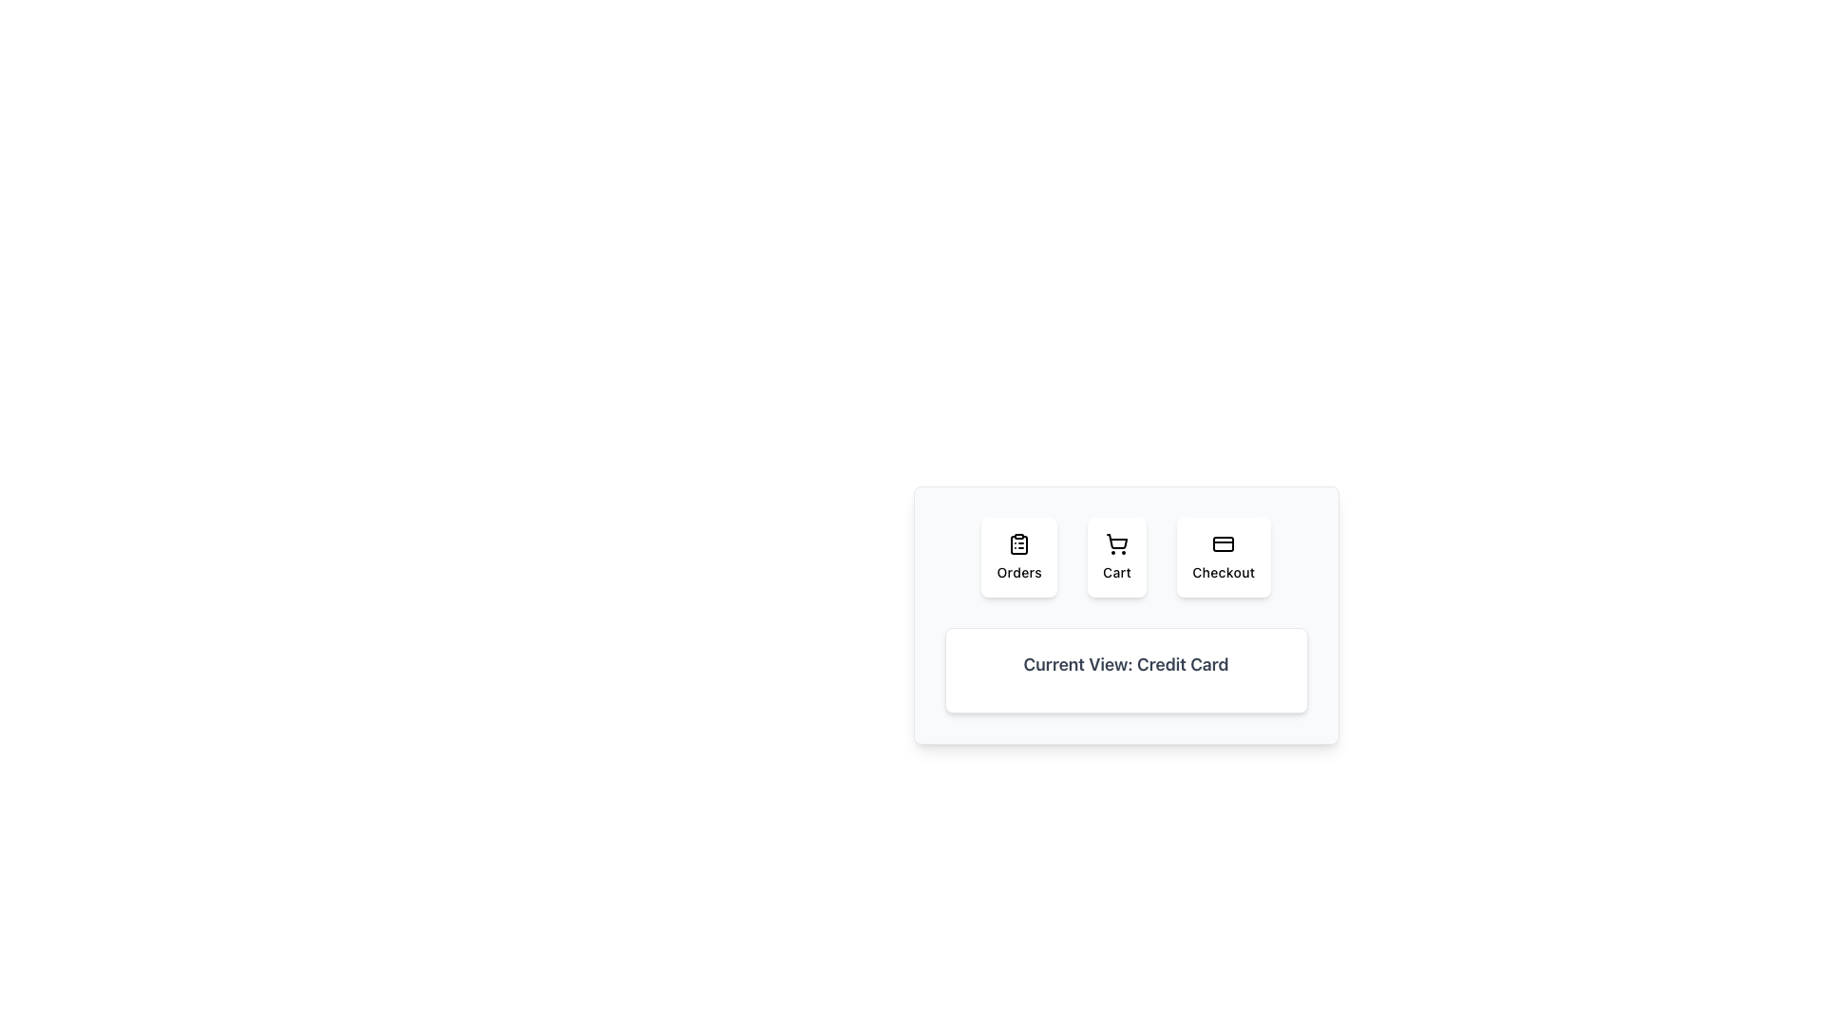 The image size is (1824, 1026). Describe the element at coordinates (1018, 571) in the screenshot. I see `'Orders' text label located below the clipboard icon in the 'Orders' card to understand the card's purpose` at that location.